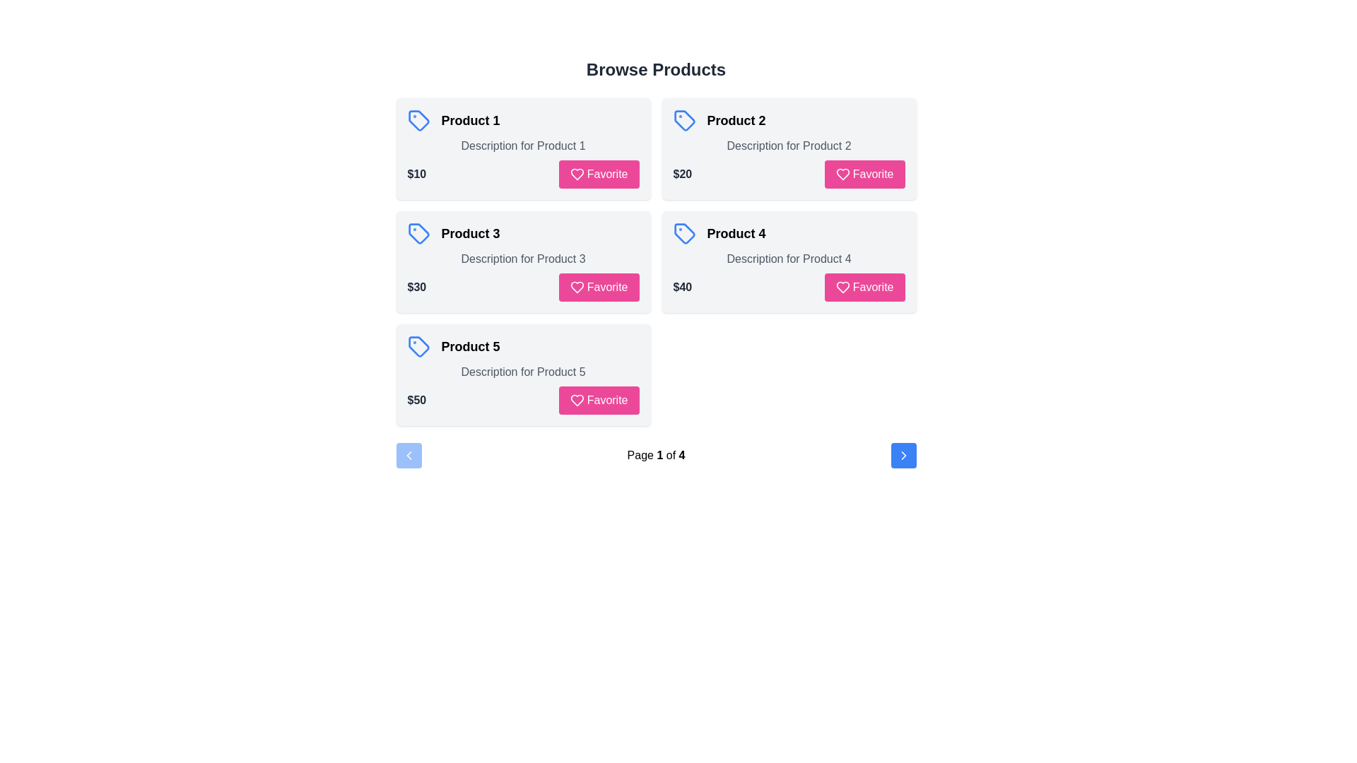 The image size is (1357, 763). I want to click on the favorite button for 'Product 4' located at the bottom right corner of its card, so click(864, 287).